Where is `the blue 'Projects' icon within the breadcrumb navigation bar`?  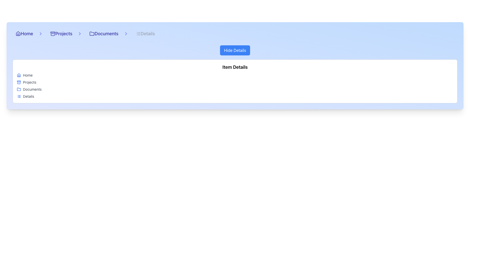
the blue 'Projects' icon within the breadcrumb navigation bar is located at coordinates (19, 82).